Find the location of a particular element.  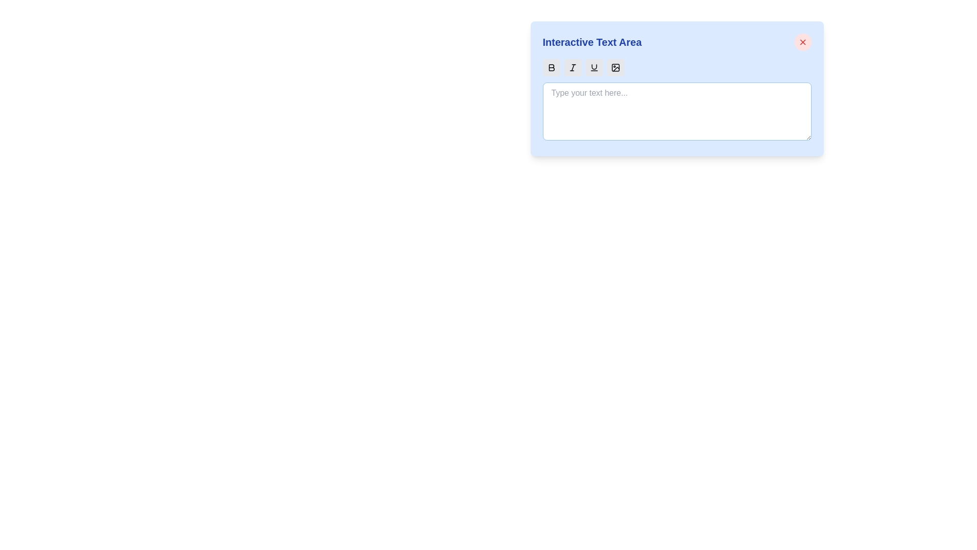

the fourth icon button in the toolbar at the top-right section of the Interactive Text Area, which has a light gray background and an image icon is located at coordinates (615, 67).